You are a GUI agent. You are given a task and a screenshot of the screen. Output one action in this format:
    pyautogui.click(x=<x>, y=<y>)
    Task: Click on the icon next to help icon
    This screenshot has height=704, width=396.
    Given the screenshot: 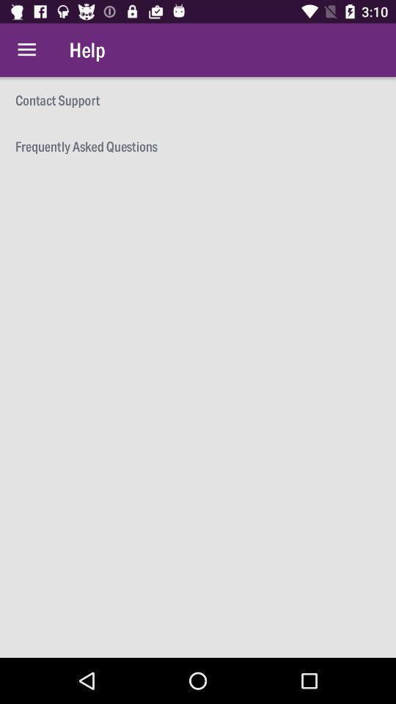 What is the action you would take?
    pyautogui.click(x=26, y=50)
    